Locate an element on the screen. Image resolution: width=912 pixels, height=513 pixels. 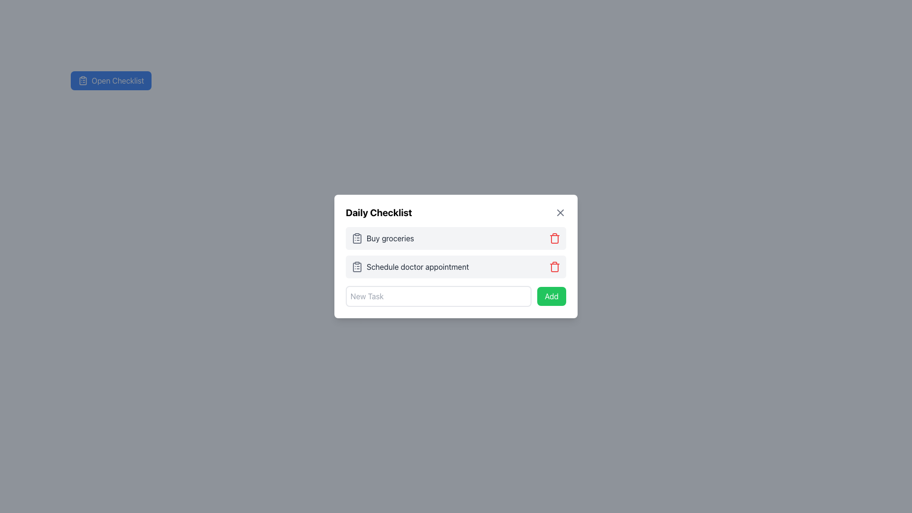
the button with blue background and white text 'Open Checklist' is located at coordinates (111, 80).